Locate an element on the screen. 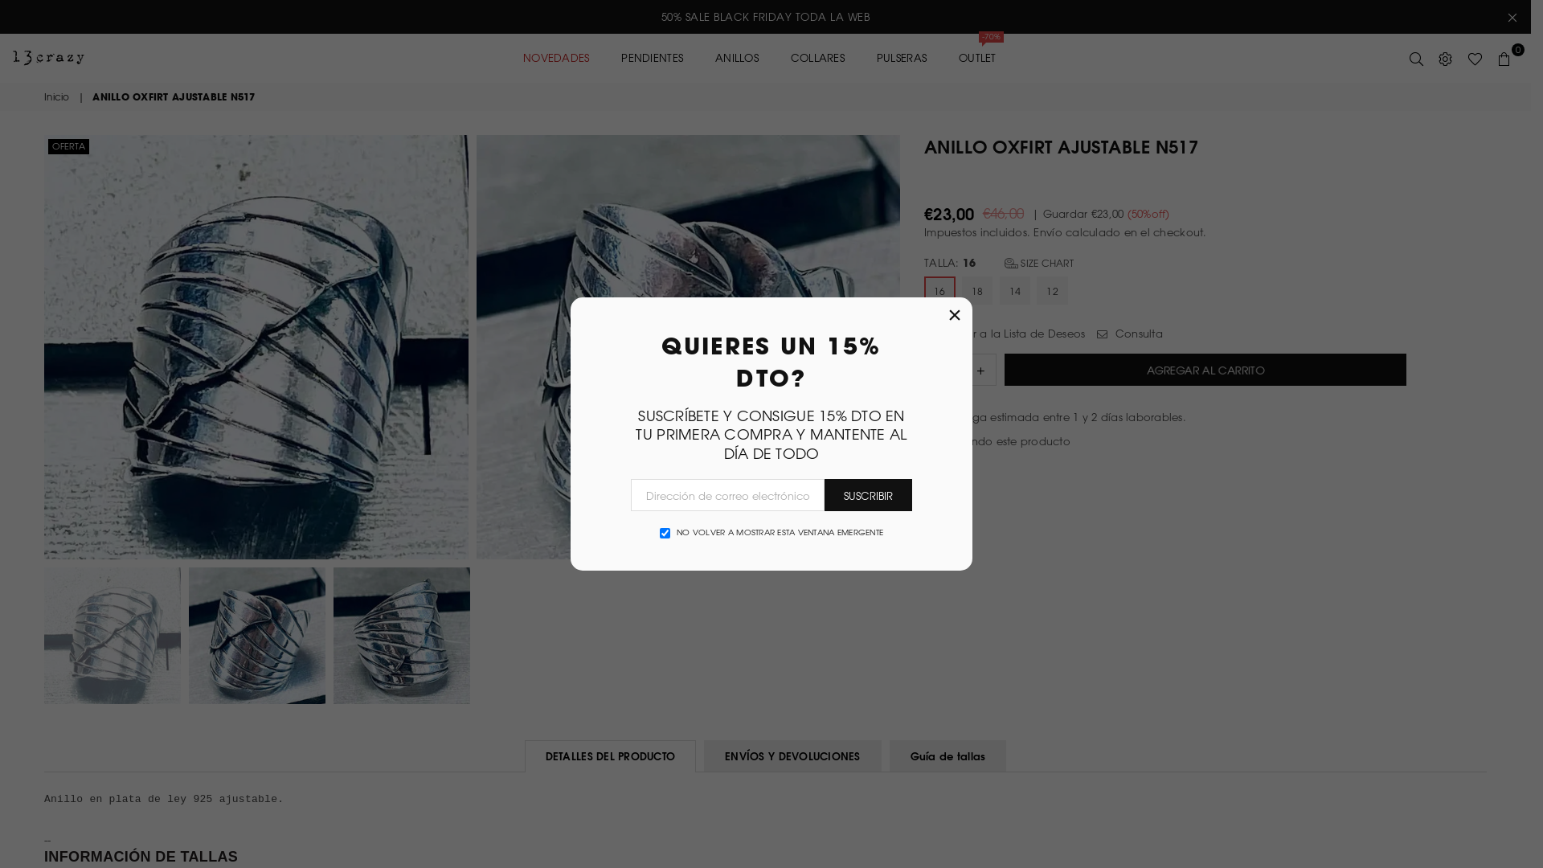  'NOVEDADES' is located at coordinates (555, 57).